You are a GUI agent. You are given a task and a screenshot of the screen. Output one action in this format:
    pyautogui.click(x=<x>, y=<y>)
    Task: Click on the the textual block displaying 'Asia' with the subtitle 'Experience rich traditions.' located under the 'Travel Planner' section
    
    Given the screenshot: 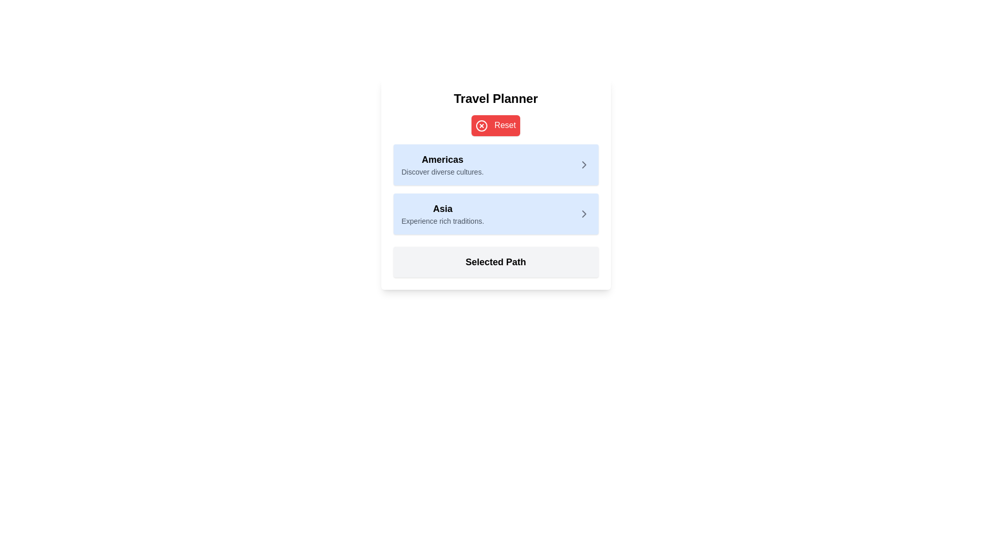 What is the action you would take?
    pyautogui.click(x=443, y=213)
    